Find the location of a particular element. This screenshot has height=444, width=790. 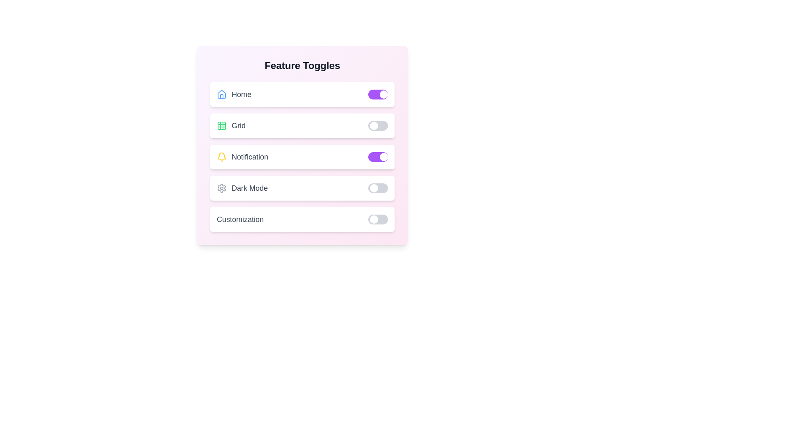

the toggle switch knob located adjacent to the 'Grid' label is located at coordinates (373, 125).